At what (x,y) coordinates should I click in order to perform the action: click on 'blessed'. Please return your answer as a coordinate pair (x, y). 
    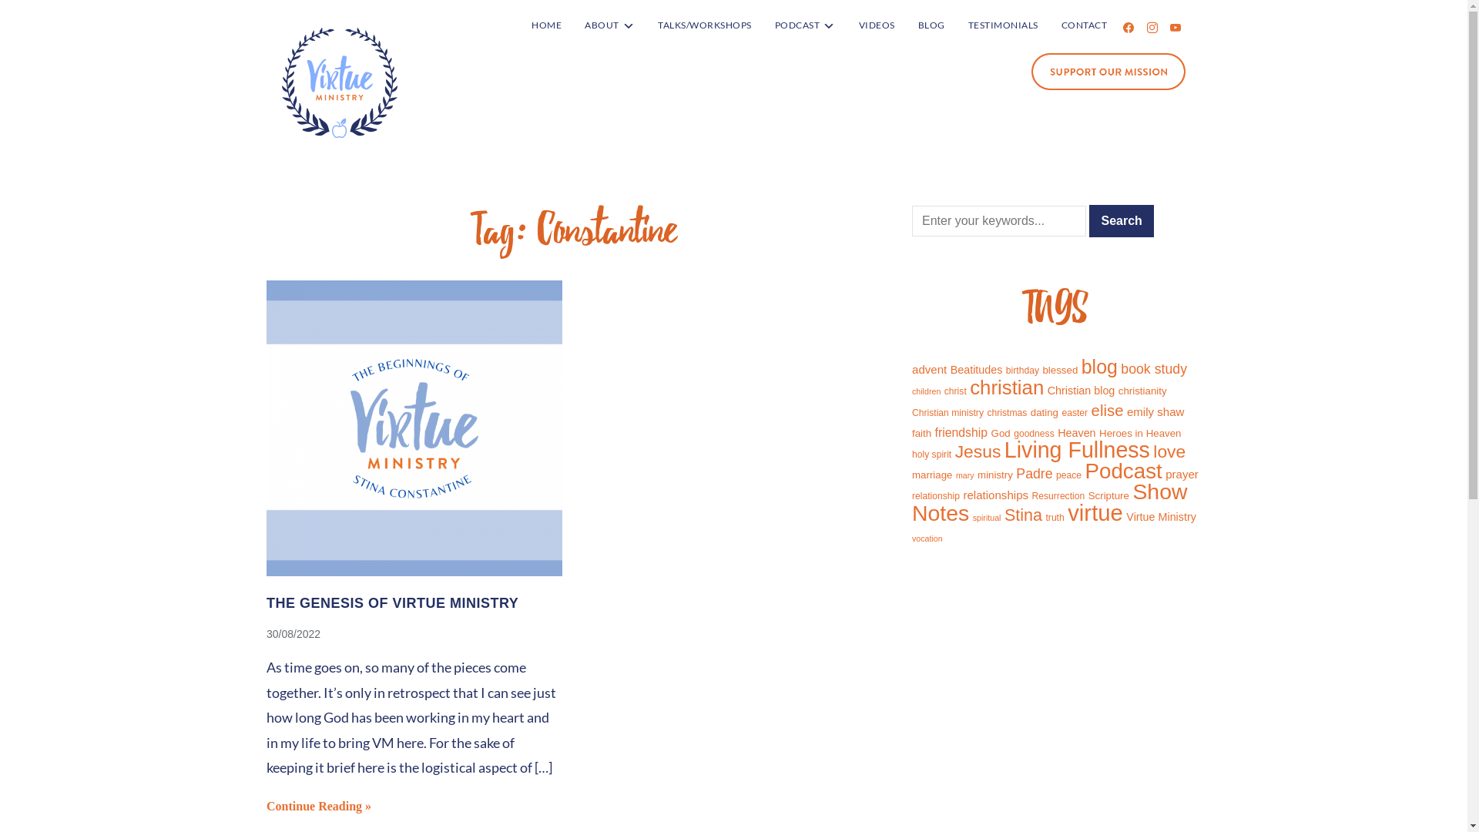
    Looking at the image, I should click on (1059, 370).